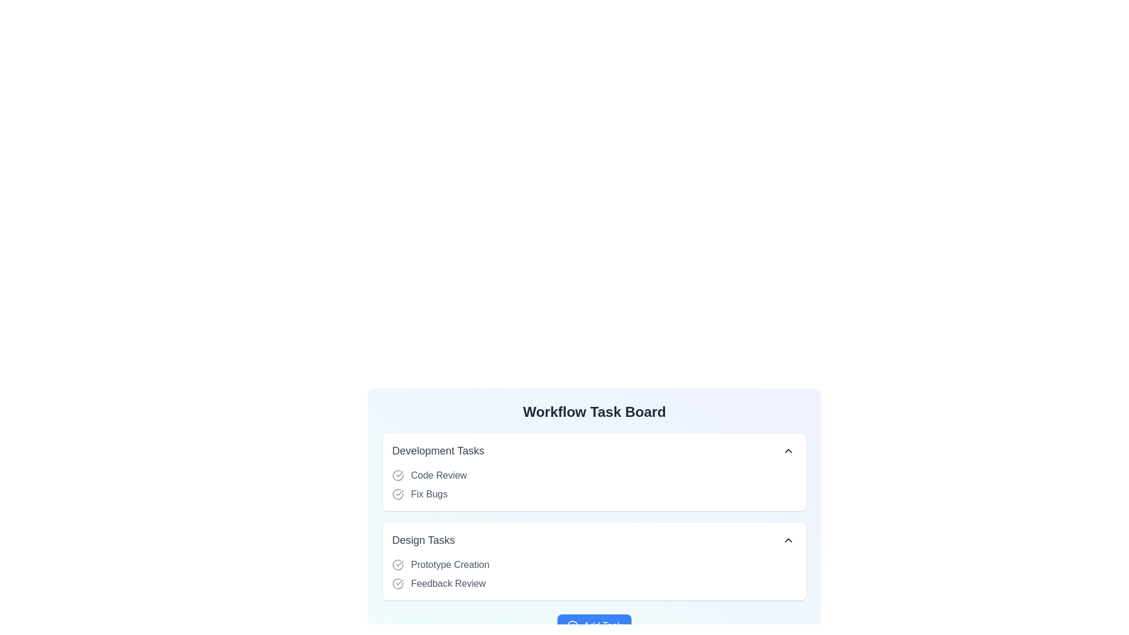 This screenshot has width=1129, height=635. I want to click on the progress icon located in the 'Design Tasks' section of the 'Workflow Task Board', positioned to the left of the 'Prototype Creation' text, so click(398, 564).